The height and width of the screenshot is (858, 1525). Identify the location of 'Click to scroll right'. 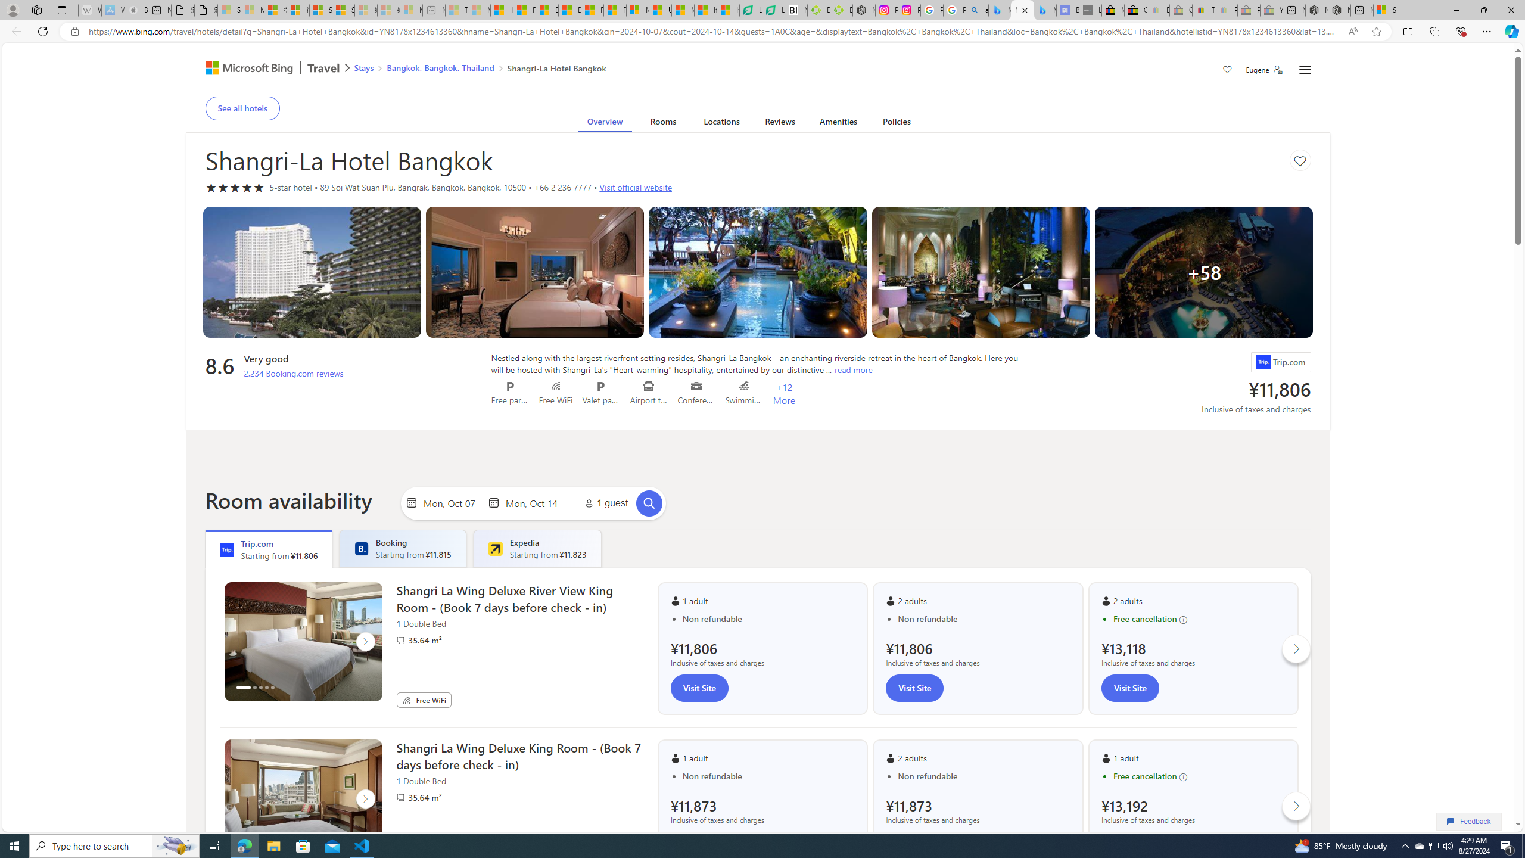
(1296, 805).